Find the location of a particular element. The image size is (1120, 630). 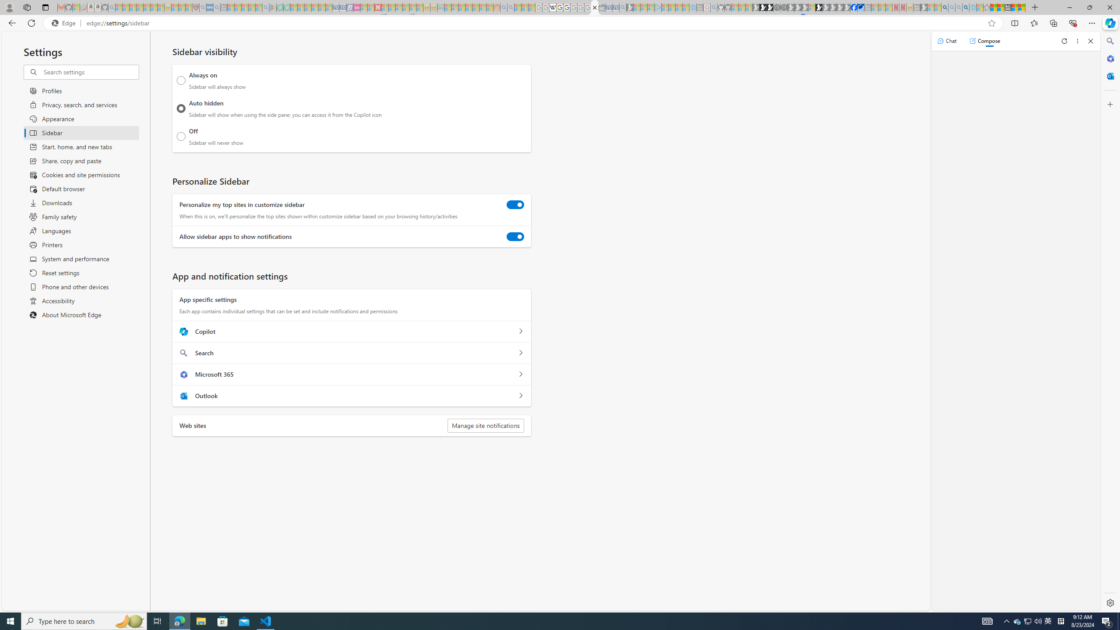

'Kinda Frugal - MSN - Sleeping' is located at coordinates (475, 7).